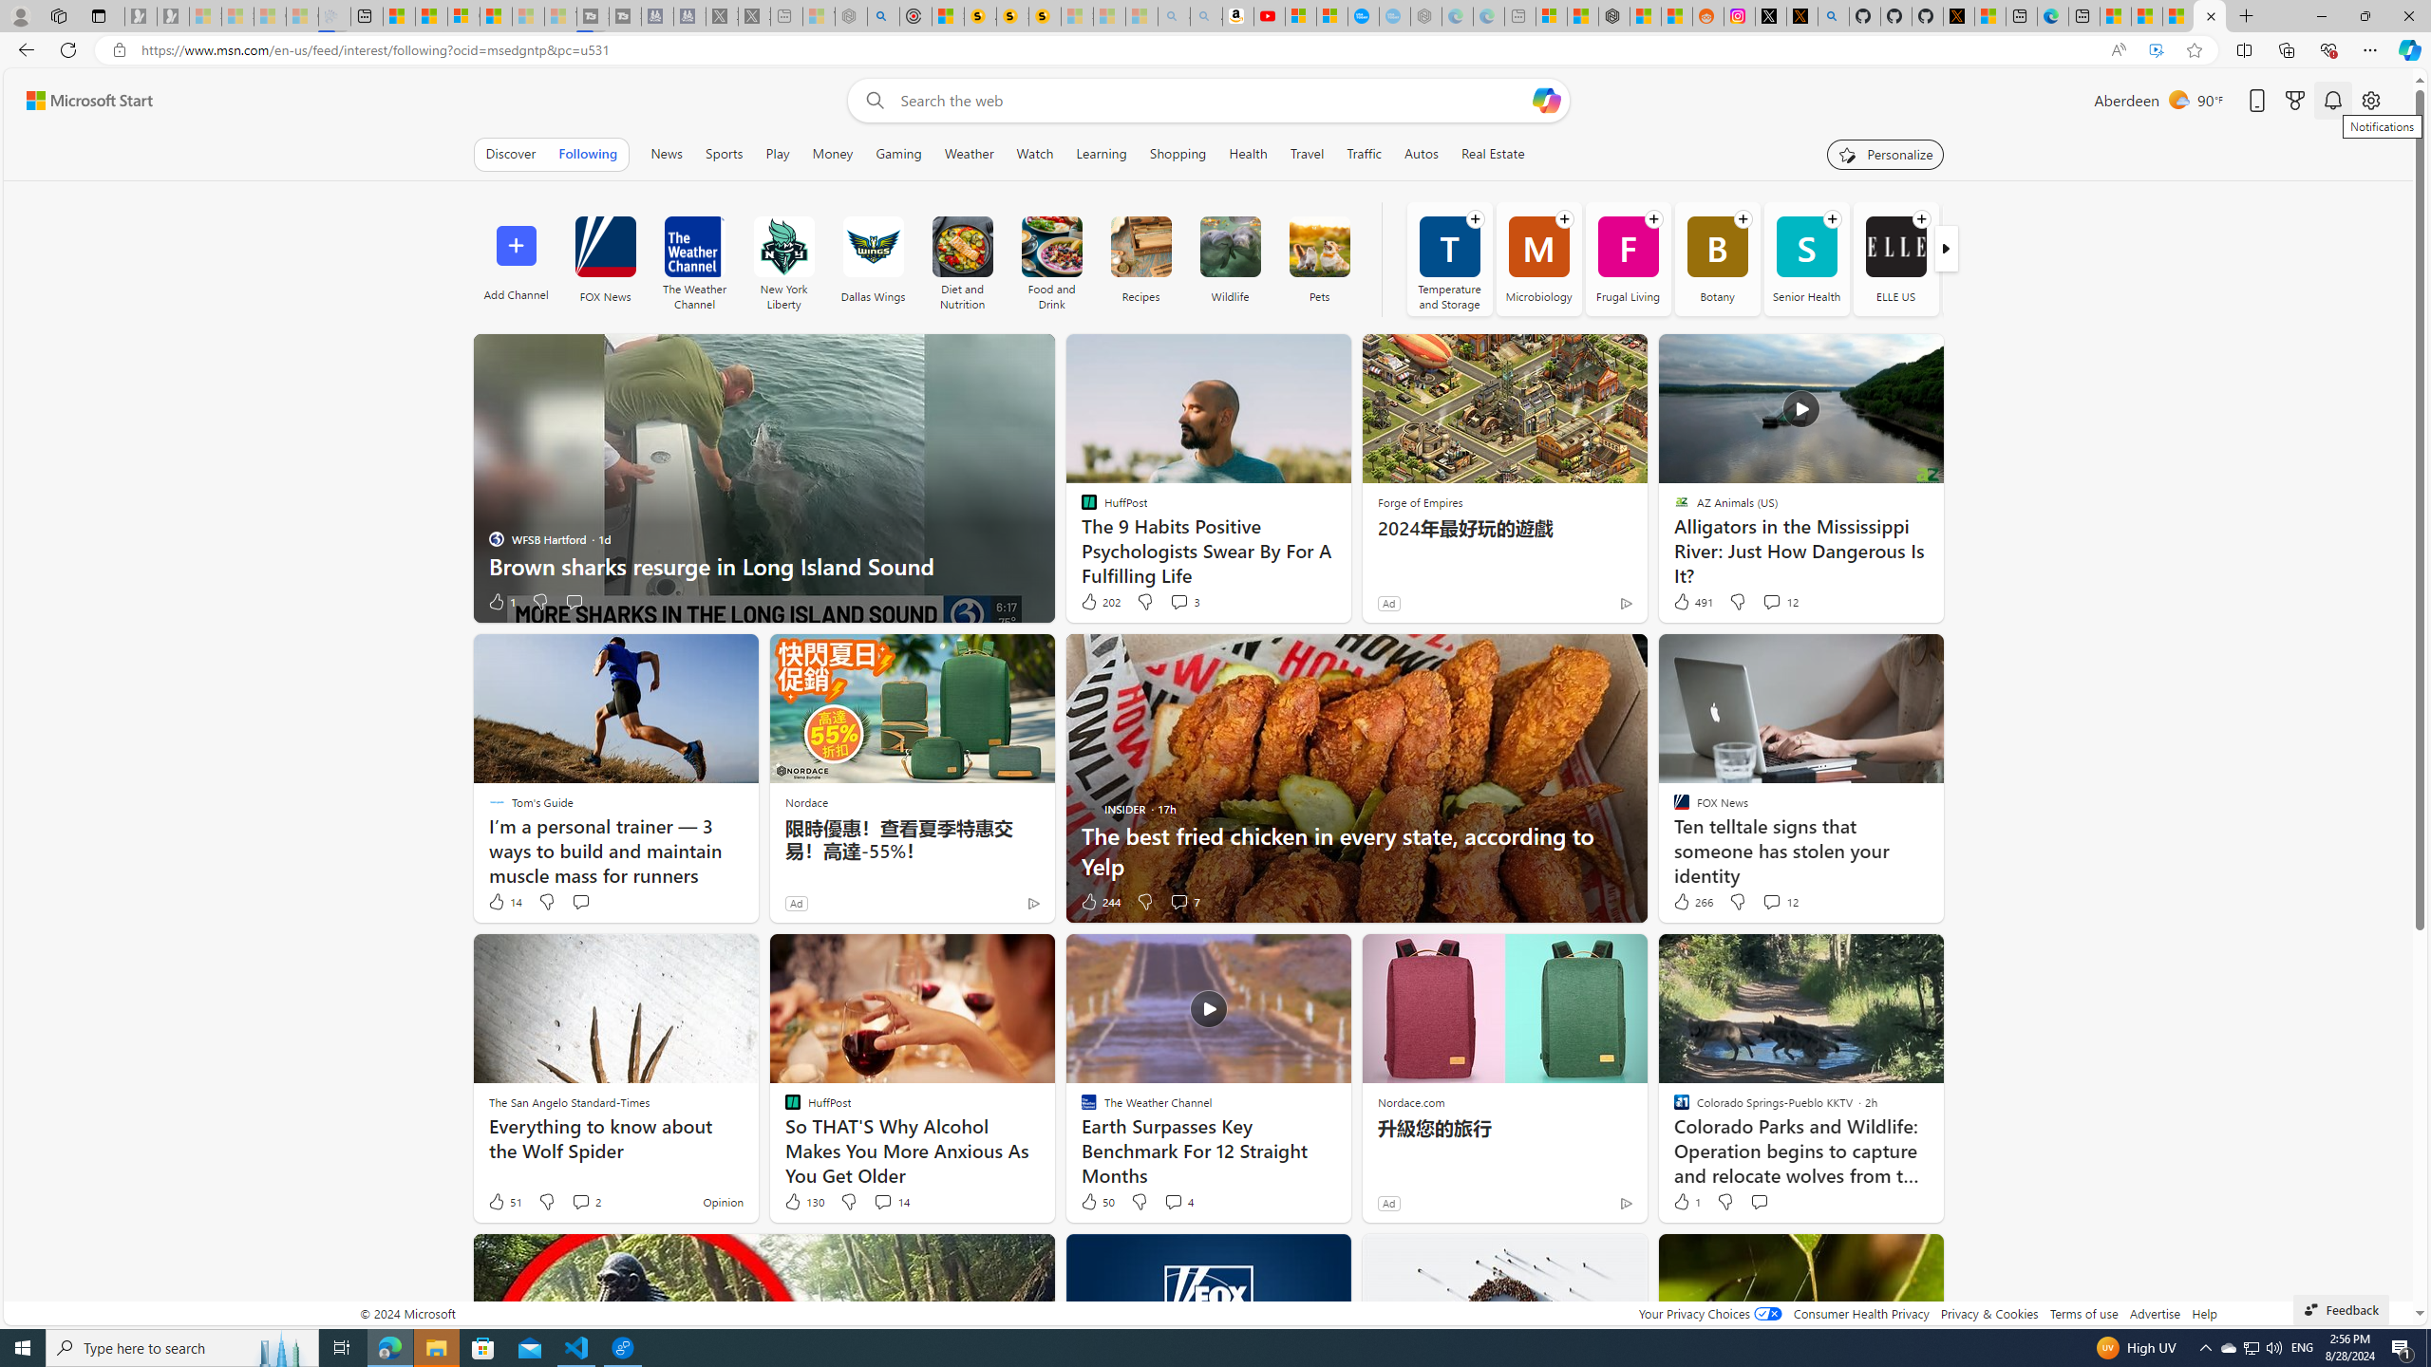 This screenshot has width=2431, height=1367. Describe the element at coordinates (870, 101) in the screenshot. I see `'Web search'` at that location.